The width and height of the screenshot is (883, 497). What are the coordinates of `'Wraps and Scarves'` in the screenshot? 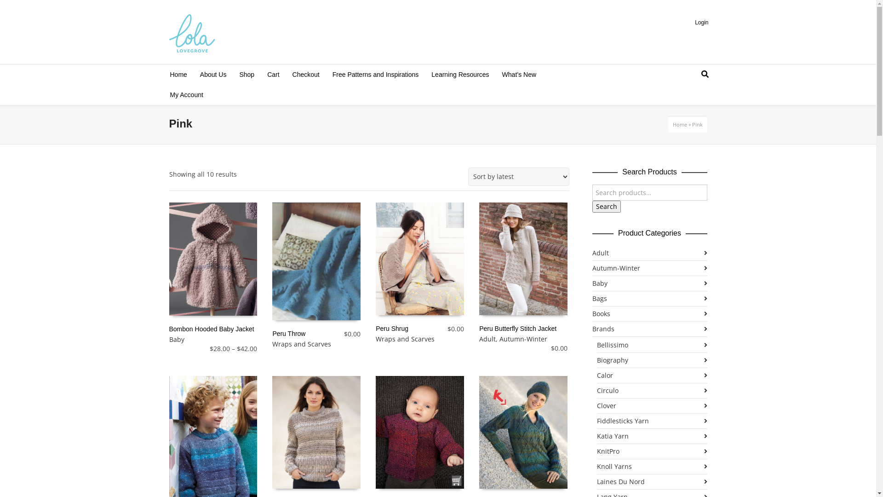 It's located at (375, 339).